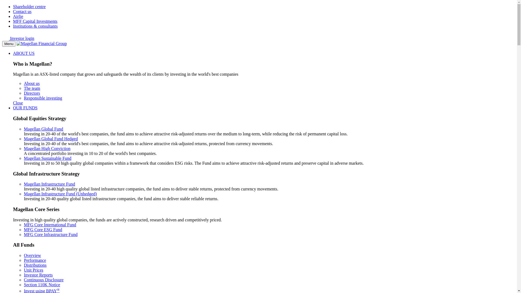  I want to click on 'Magellan Infrastructure Fund', so click(49, 184).